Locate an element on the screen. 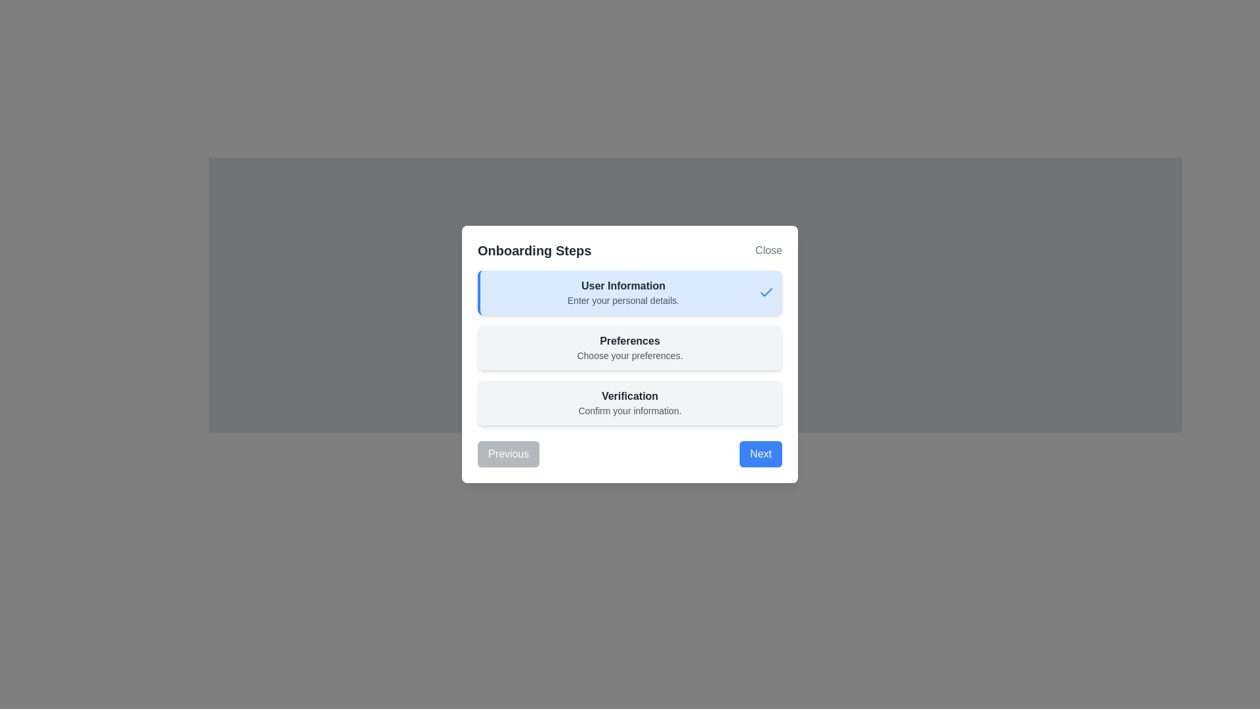 This screenshot has height=709, width=1260. the 'Preferences' informational section, which contains the title 'Preferences' and description 'Choose your preferences.' in the Onboarding Steps dialog is located at coordinates (630, 347).